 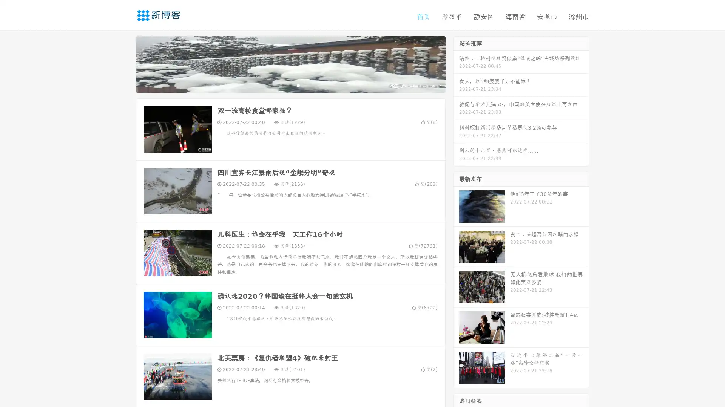 I want to click on Go to slide 2, so click(x=290, y=85).